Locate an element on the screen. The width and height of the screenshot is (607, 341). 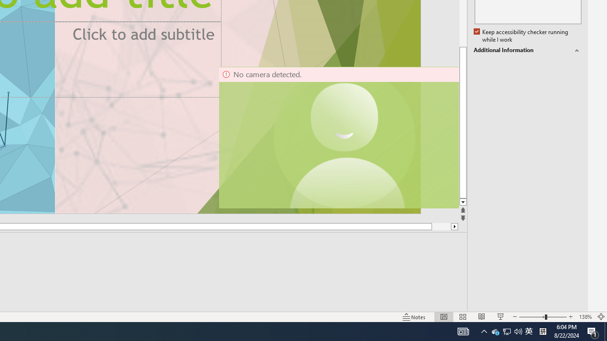
'Camera 11, No camera detected.' is located at coordinates (344, 137).